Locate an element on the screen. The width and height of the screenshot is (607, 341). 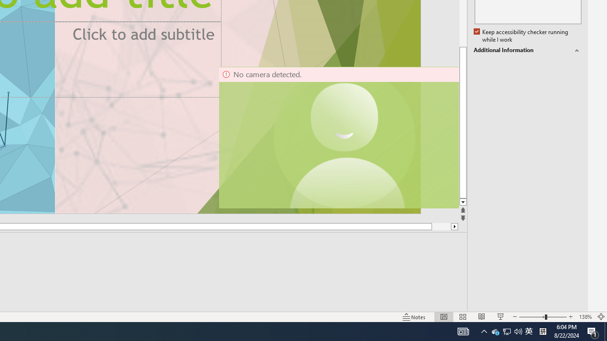
'Camera 11, No camera detected.' is located at coordinates (344, 137).